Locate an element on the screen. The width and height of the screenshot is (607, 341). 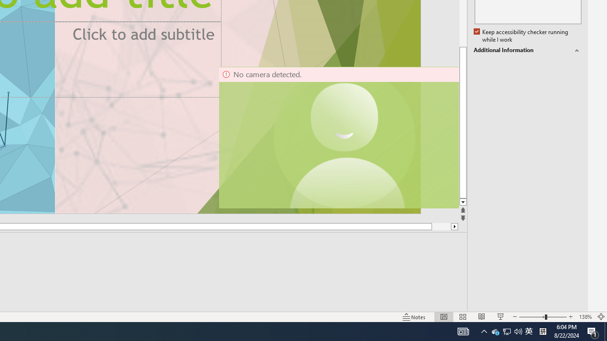
'Camera 11, No camera detected.' is located at coordinates (344, 137).